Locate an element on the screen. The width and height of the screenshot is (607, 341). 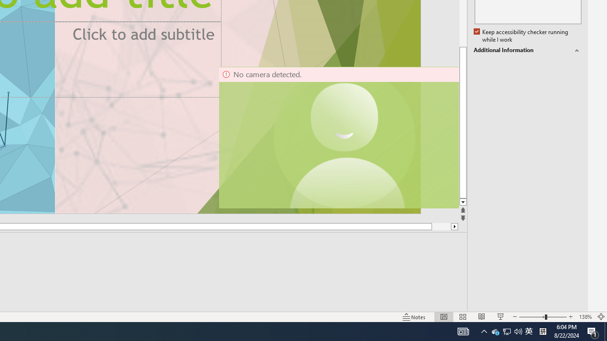
'Camera 11, No camera detected.' is located at coordinates (344, 137).